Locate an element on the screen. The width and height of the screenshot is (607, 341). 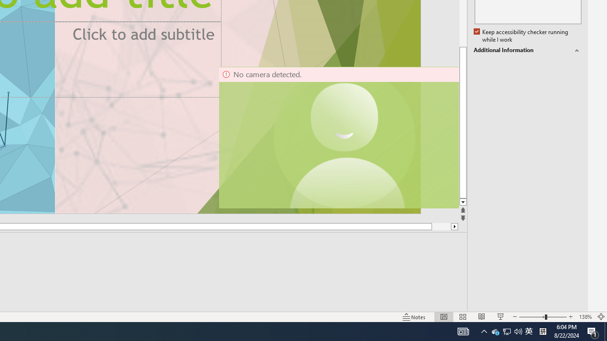
'Camera 11, No camera detected.' is located at coordinates (344, 137).